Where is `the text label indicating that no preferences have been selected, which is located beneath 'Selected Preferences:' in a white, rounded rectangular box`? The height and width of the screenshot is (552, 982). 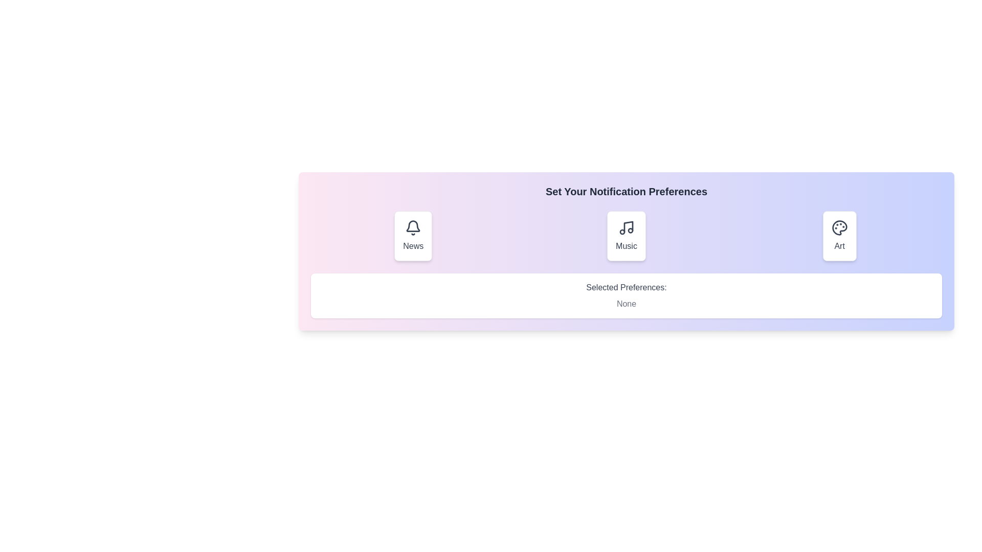
the text label indicating that no preferences have been selected, which is located beneath 'Selected Preferences:' in a white, rounded rectangular box is located at coordinates (626, 303).